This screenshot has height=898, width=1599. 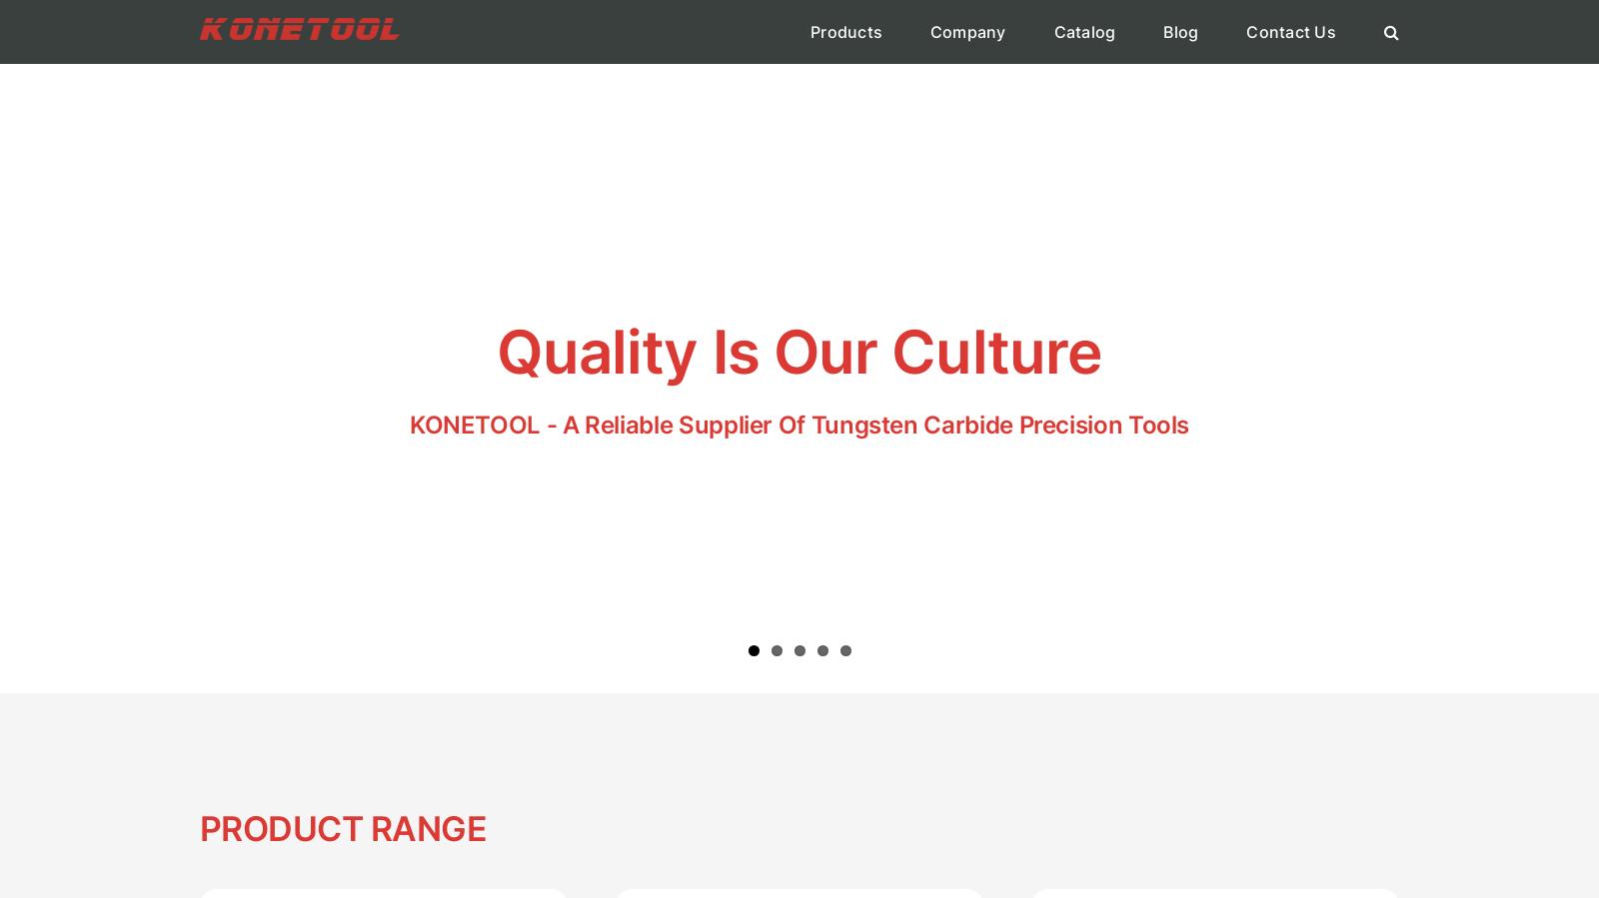 What do you see at coordinates (1180, 31) in the screenshot?
I see `'Blog'` at bounding box center [1180, 31].